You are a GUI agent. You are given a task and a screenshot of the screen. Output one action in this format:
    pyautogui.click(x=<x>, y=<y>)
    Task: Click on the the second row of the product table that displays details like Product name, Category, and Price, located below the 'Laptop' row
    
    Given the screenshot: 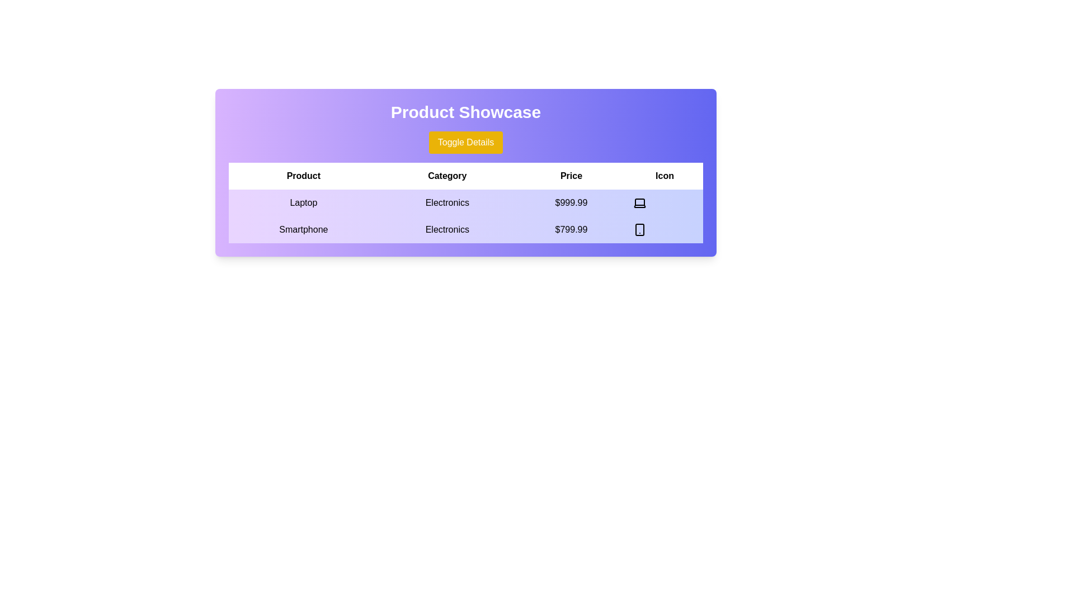 What is the action you would take?
    pyautogui.click(x=466, y=229)
    